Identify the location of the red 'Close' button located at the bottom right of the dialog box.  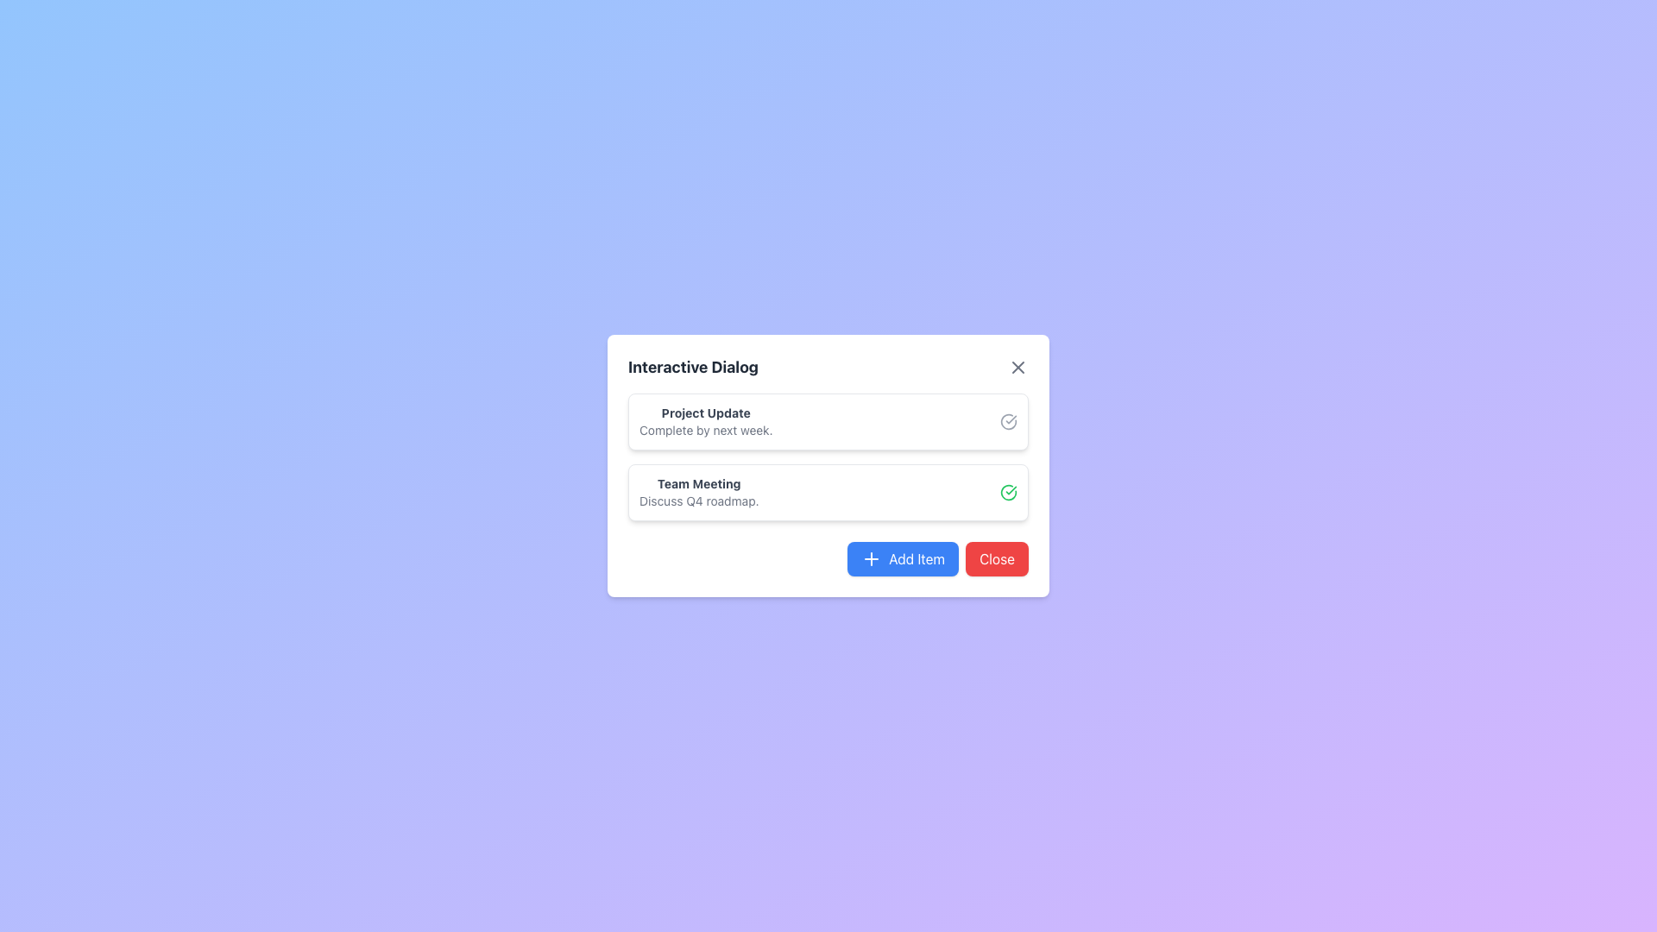
(997, 559).